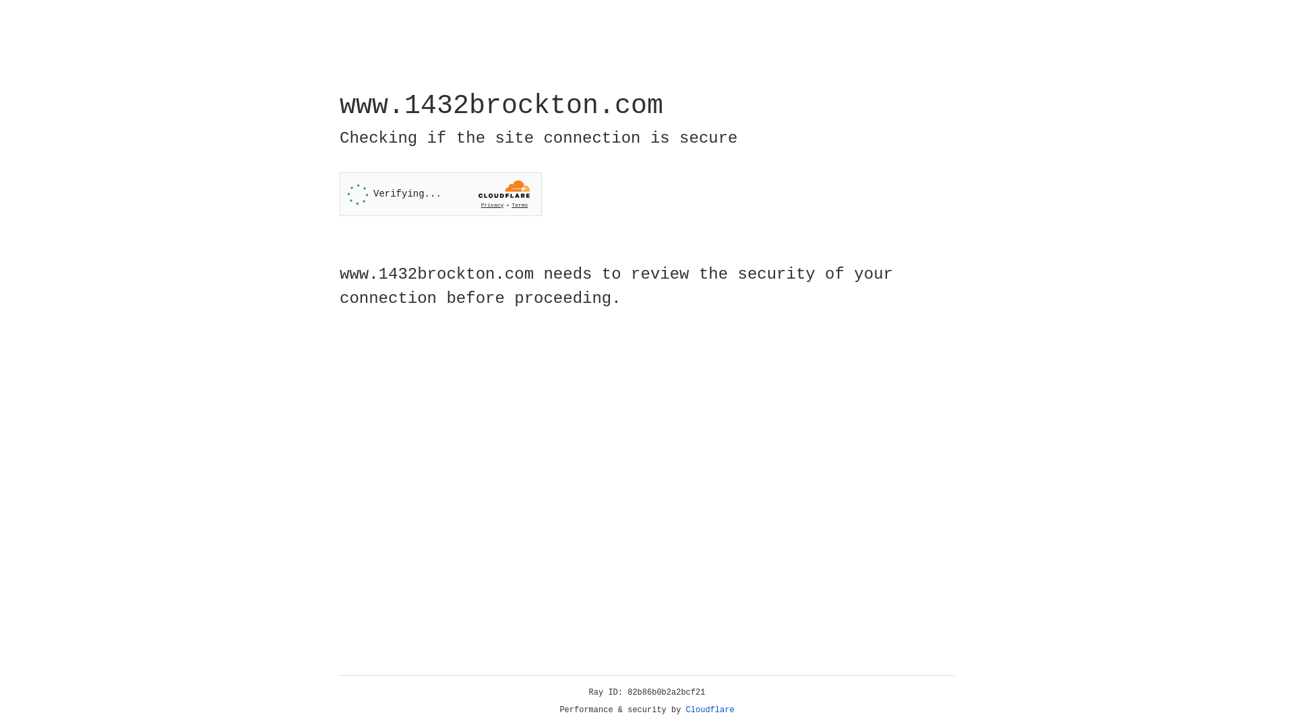 The image size is (1294, 727). What do you see at coordinates (440, 194) in the screenshot?
I see `'Widget containing a Cloudflare security challenge'` at bounding box center [440, 194].